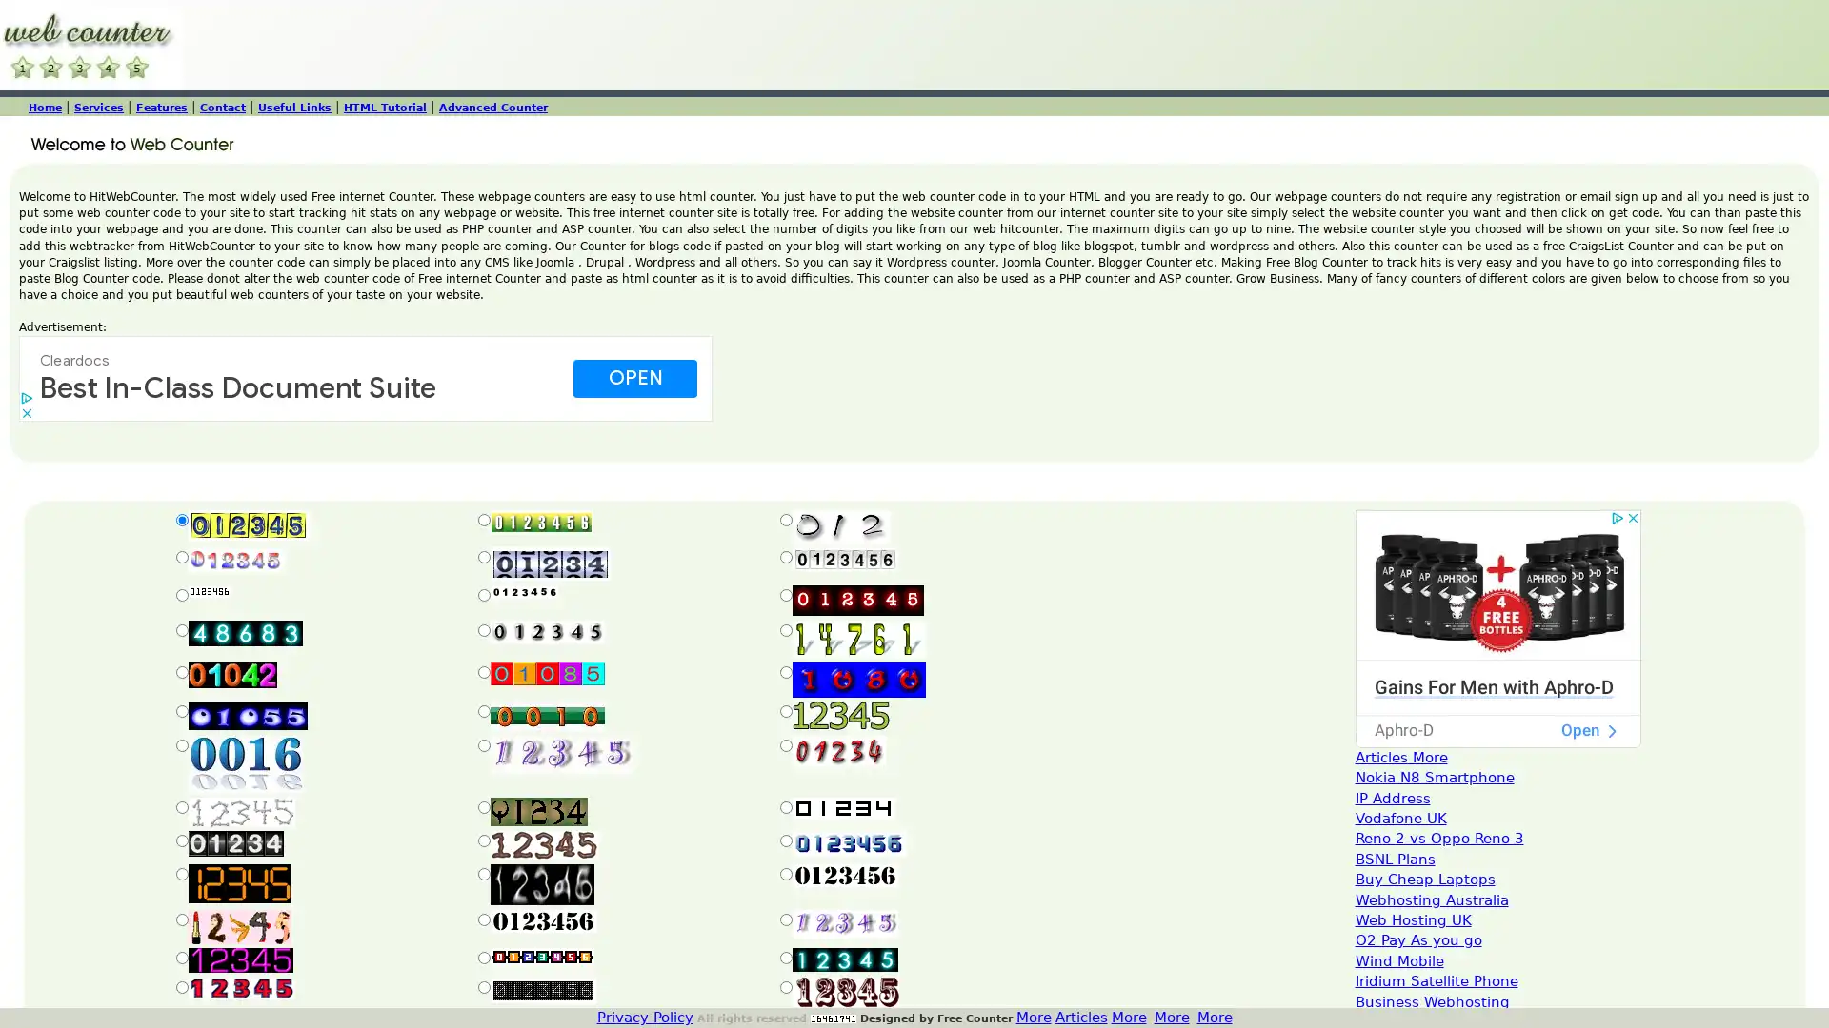 This screenshot has width=1829, height=1028. Describe the element at coordinates (548, 563) in the screenshot. I see `Submit` at that location.